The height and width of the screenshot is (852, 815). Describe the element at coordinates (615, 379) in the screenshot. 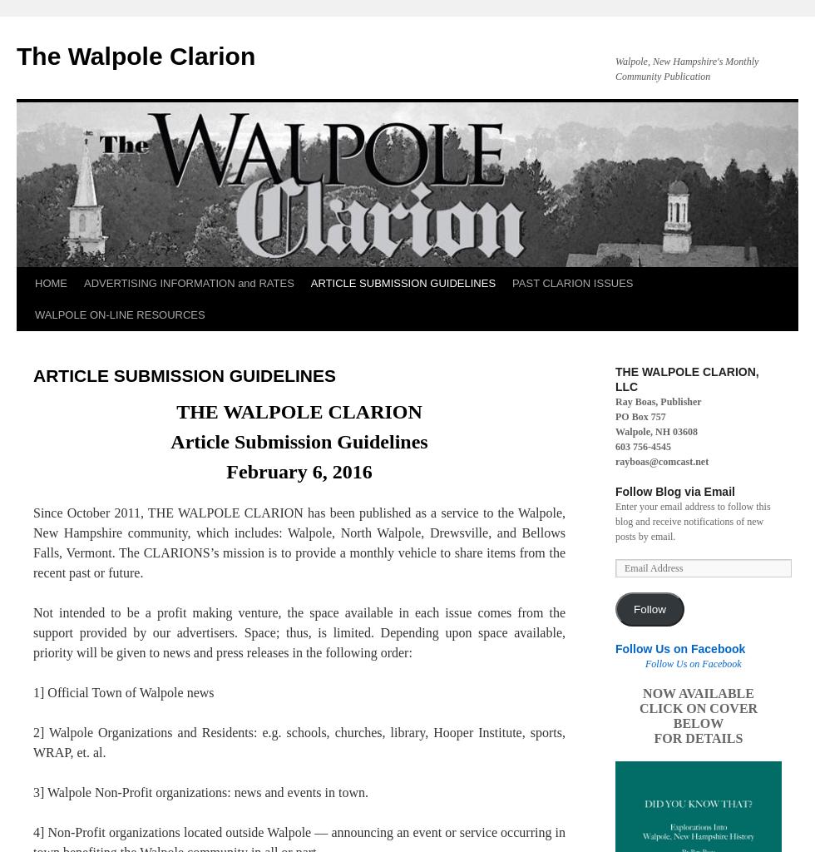

I see `'THE WALPOLE CLARION, LLC'` at that location.